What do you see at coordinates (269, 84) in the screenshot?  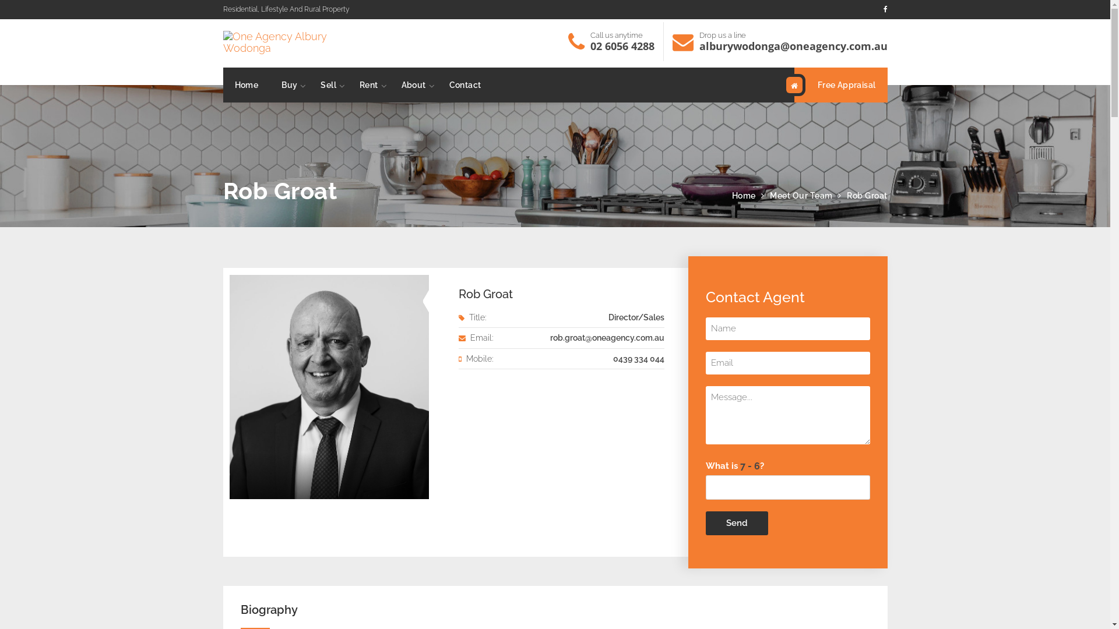 I see `'Buy'` at bounding box center [269, 84].